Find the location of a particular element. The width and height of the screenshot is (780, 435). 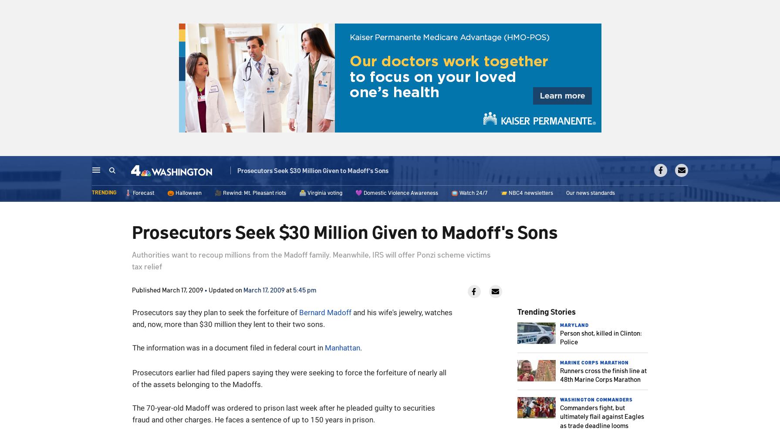

'Published March 17, 2009' is located at coordinates (131, 289).